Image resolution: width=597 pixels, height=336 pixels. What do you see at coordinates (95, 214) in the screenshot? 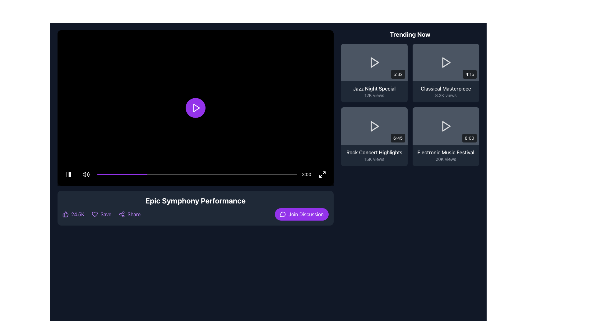
I see `the heart-shaped icon located second among the interactive control icons beneath the video titled 'Epic Symphony Performance'` at bounding box center [95, 214].